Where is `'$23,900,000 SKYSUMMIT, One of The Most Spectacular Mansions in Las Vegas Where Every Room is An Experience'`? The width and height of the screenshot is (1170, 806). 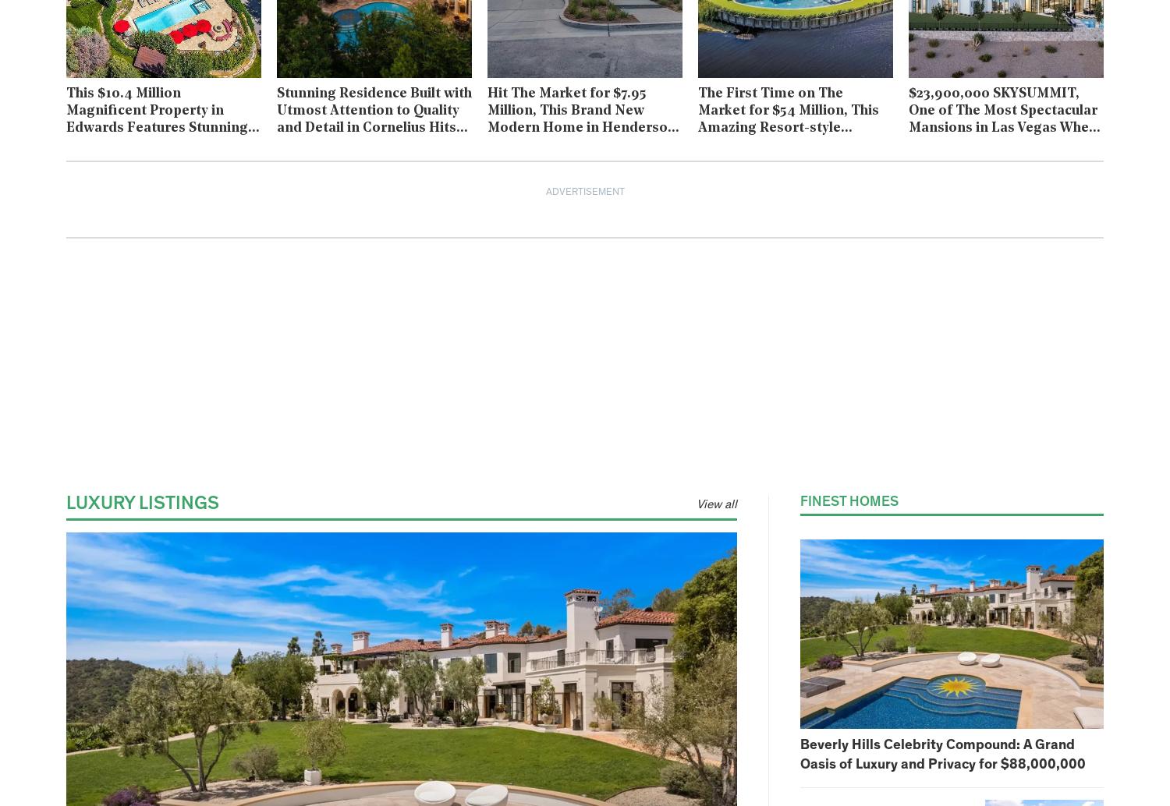
'$23,900,000 SKYSUMMIT, One of The Most Spectacular Mansions in Las Vegas Where Every Room is An Experience' is located at coordinates (1005, 119).